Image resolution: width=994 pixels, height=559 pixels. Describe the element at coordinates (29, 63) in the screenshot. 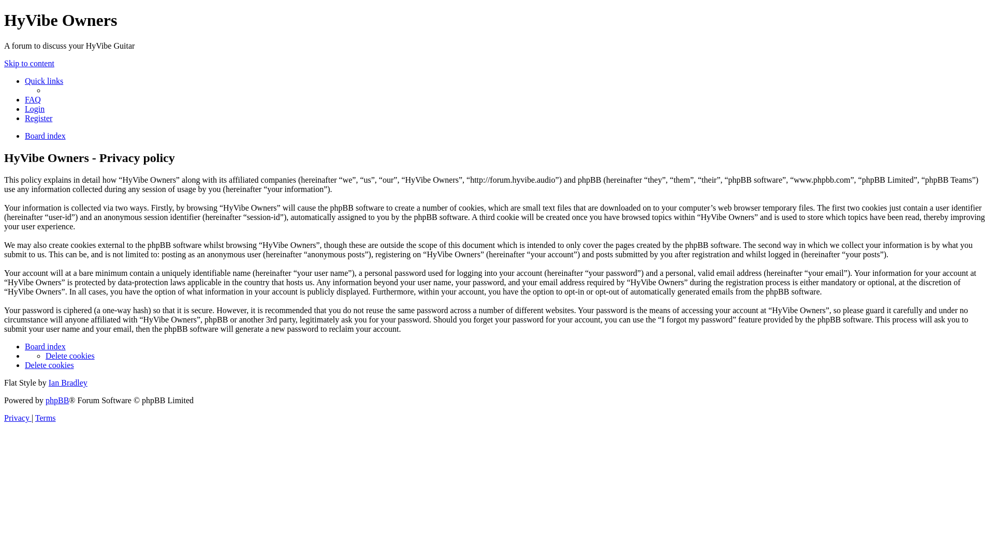

I see `'Skip to content'` at that location.